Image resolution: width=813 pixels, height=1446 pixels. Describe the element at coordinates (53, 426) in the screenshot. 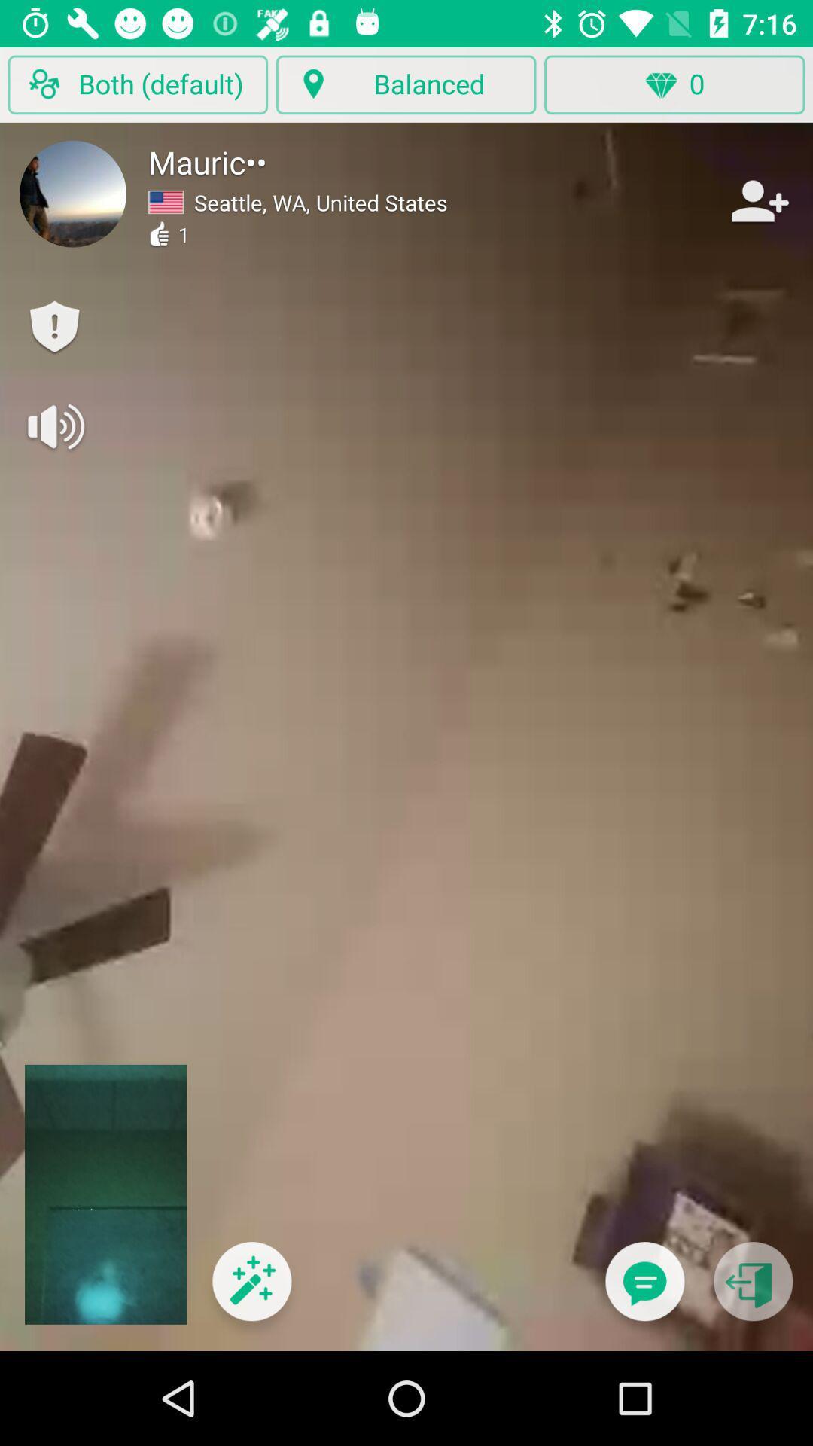

I see `toggles the volume` at that location.